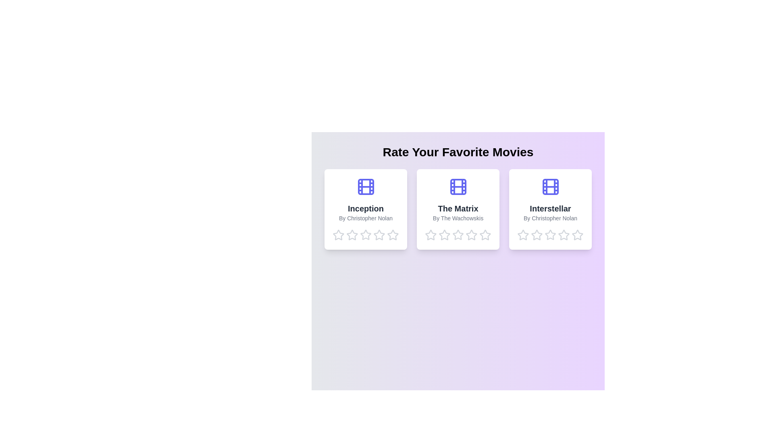 This screenshot has height=435, width=774. What do you see at coordinates (564, 235) in the screenshot?
I see `the star corresponding to 4 stars for the movie Interstellar` at bounding box center [564, 235].